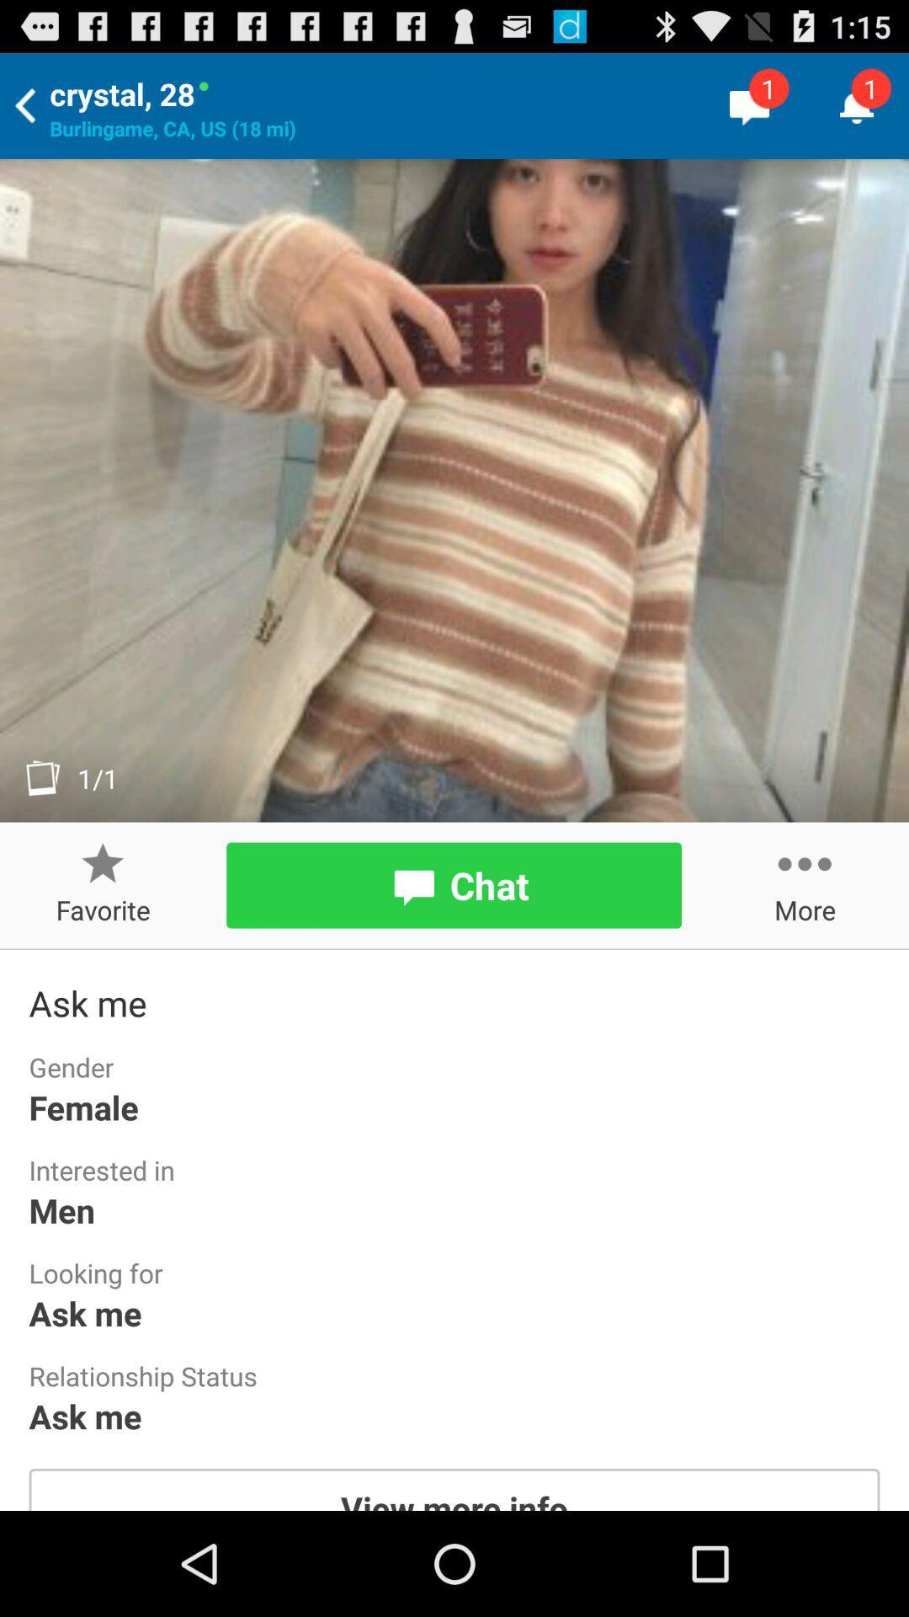  Describe the element at coordinates (454, 1489) in the screenshot. I see `the view more info button` at that location.